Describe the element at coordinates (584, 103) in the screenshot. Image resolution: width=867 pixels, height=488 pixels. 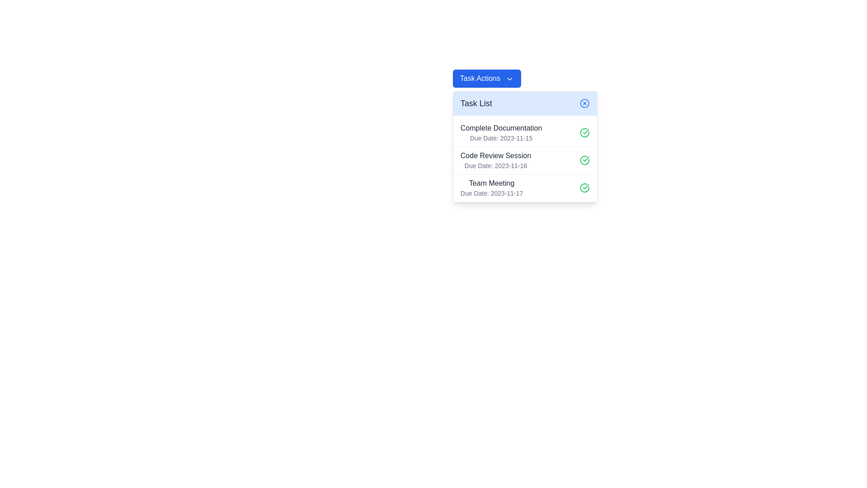
I see `the small circular blue button with an 'X' mark inside, located to the right of the 'Task List' header` at that location.